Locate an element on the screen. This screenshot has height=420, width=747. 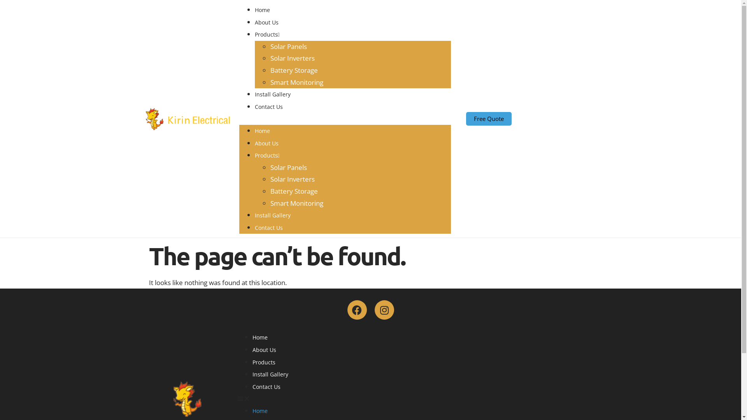
'Contact Us' is located at coordinates (254, 107).